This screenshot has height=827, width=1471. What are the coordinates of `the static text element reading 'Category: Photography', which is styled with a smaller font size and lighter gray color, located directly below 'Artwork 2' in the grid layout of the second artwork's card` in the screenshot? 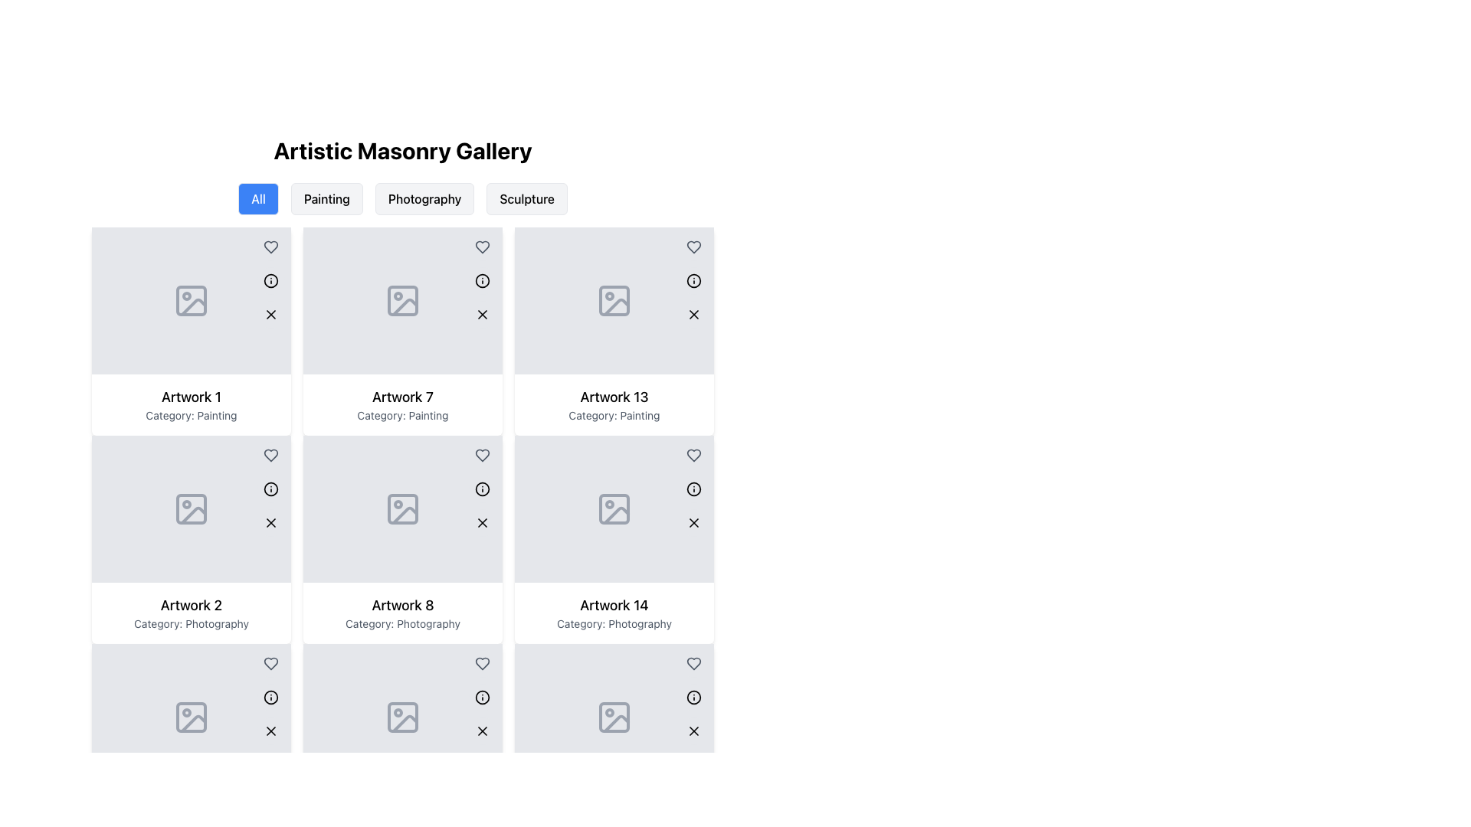 It's located at (190, 623).